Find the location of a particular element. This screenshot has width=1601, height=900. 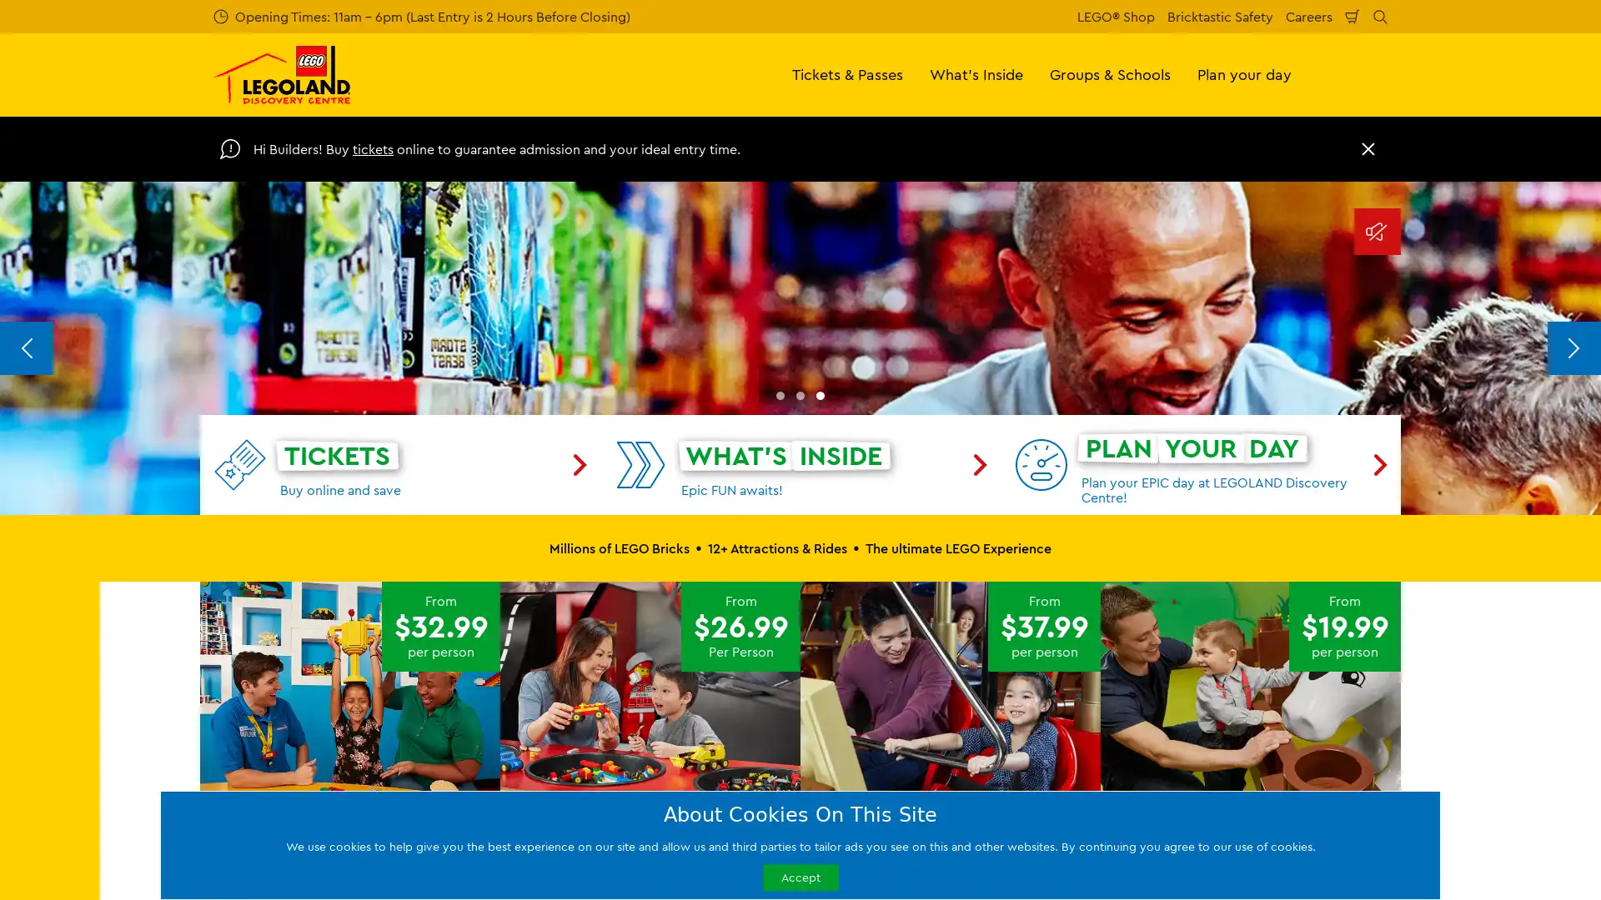

Go to slide 3 is located at coordinates (820, 710).